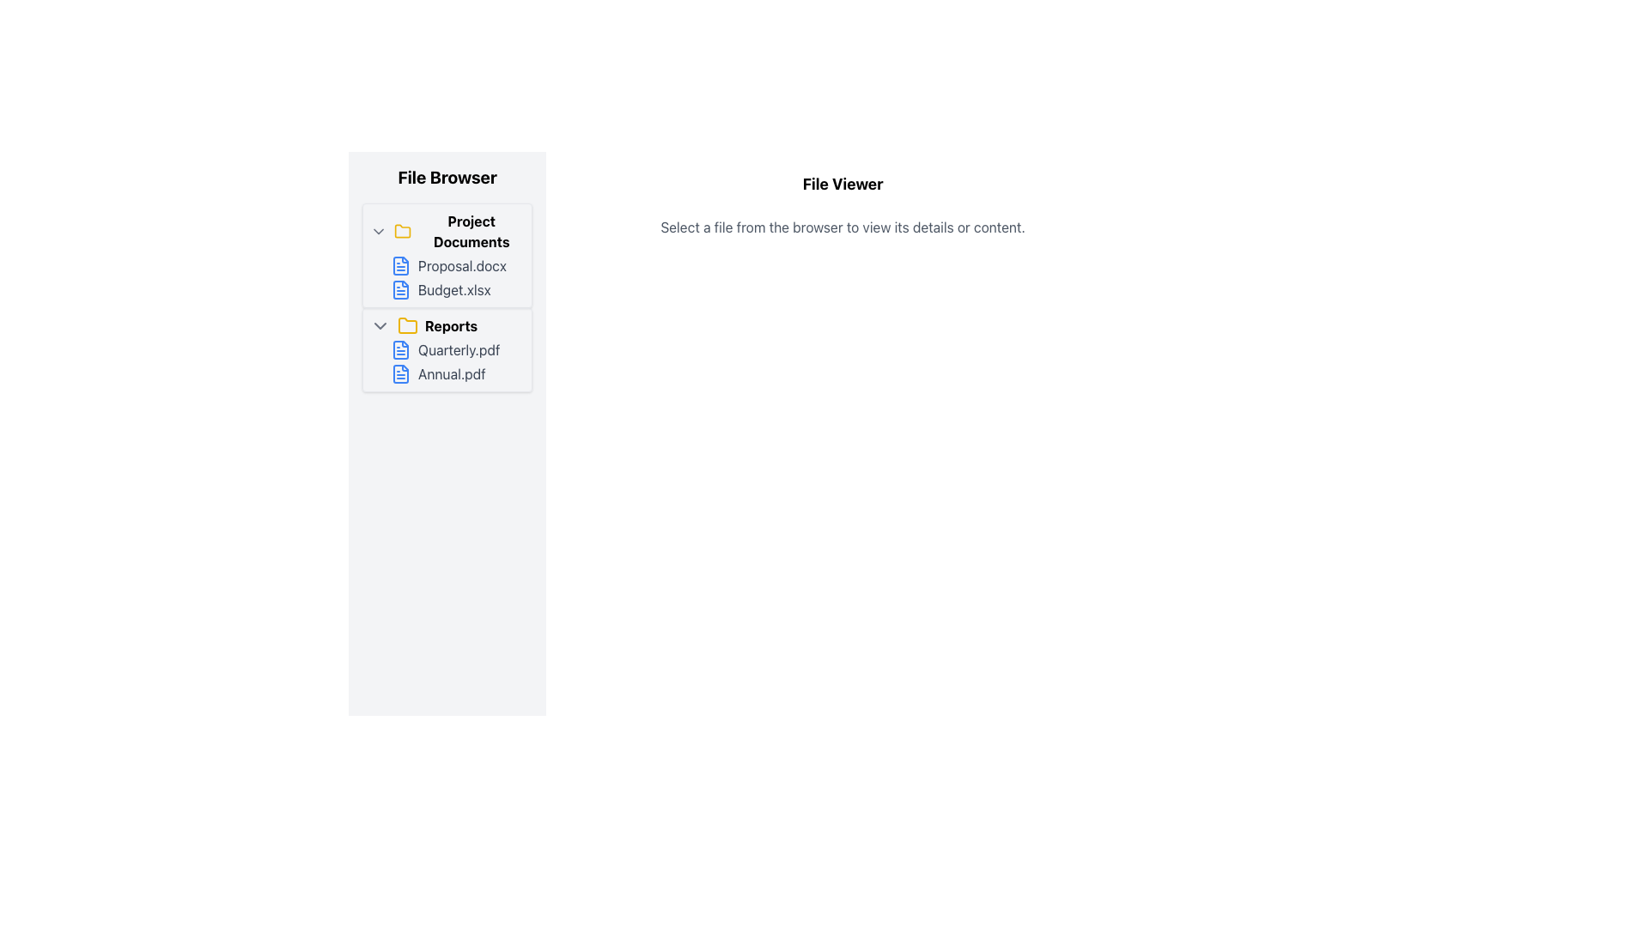  I want to click on the chevron button located to the immediate left of the 'Project Documents' folder icon and text in the File Browser area to trigger a tooltip or style change, so click(378, 232).